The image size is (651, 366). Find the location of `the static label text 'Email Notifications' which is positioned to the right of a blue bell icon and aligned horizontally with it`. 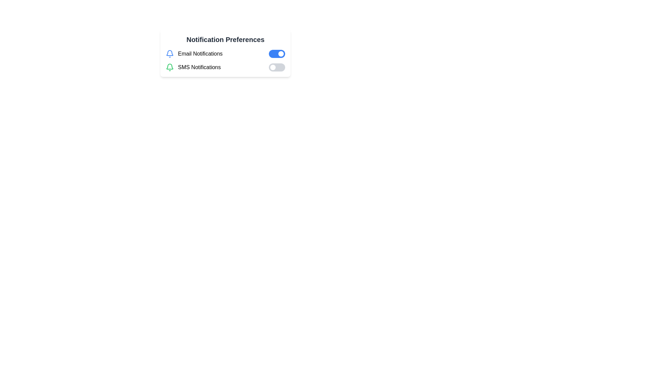

the static label text 'Email Notifications' which is positioned to the right of a blue bell icon and aligned horizontally with it is located at coordinates (200, 53).